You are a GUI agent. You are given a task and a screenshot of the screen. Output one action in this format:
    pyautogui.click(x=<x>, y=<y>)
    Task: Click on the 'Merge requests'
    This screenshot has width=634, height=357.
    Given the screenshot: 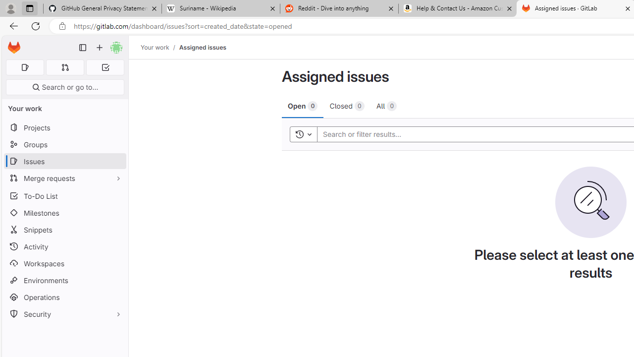 What is the action you would take?
    pyautogui.click(x=64, y=178)
    